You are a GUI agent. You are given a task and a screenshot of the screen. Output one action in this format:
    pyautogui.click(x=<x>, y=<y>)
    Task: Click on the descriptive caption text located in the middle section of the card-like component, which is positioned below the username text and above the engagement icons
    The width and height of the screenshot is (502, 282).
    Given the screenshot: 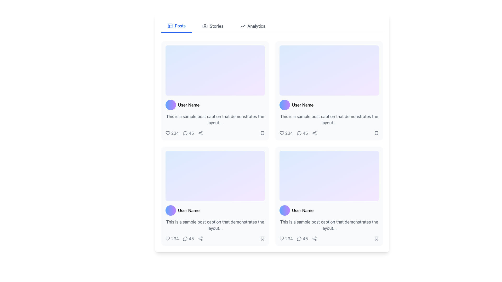 What is the action you would take?
    pyautogui.click(x=215, y=120)
    